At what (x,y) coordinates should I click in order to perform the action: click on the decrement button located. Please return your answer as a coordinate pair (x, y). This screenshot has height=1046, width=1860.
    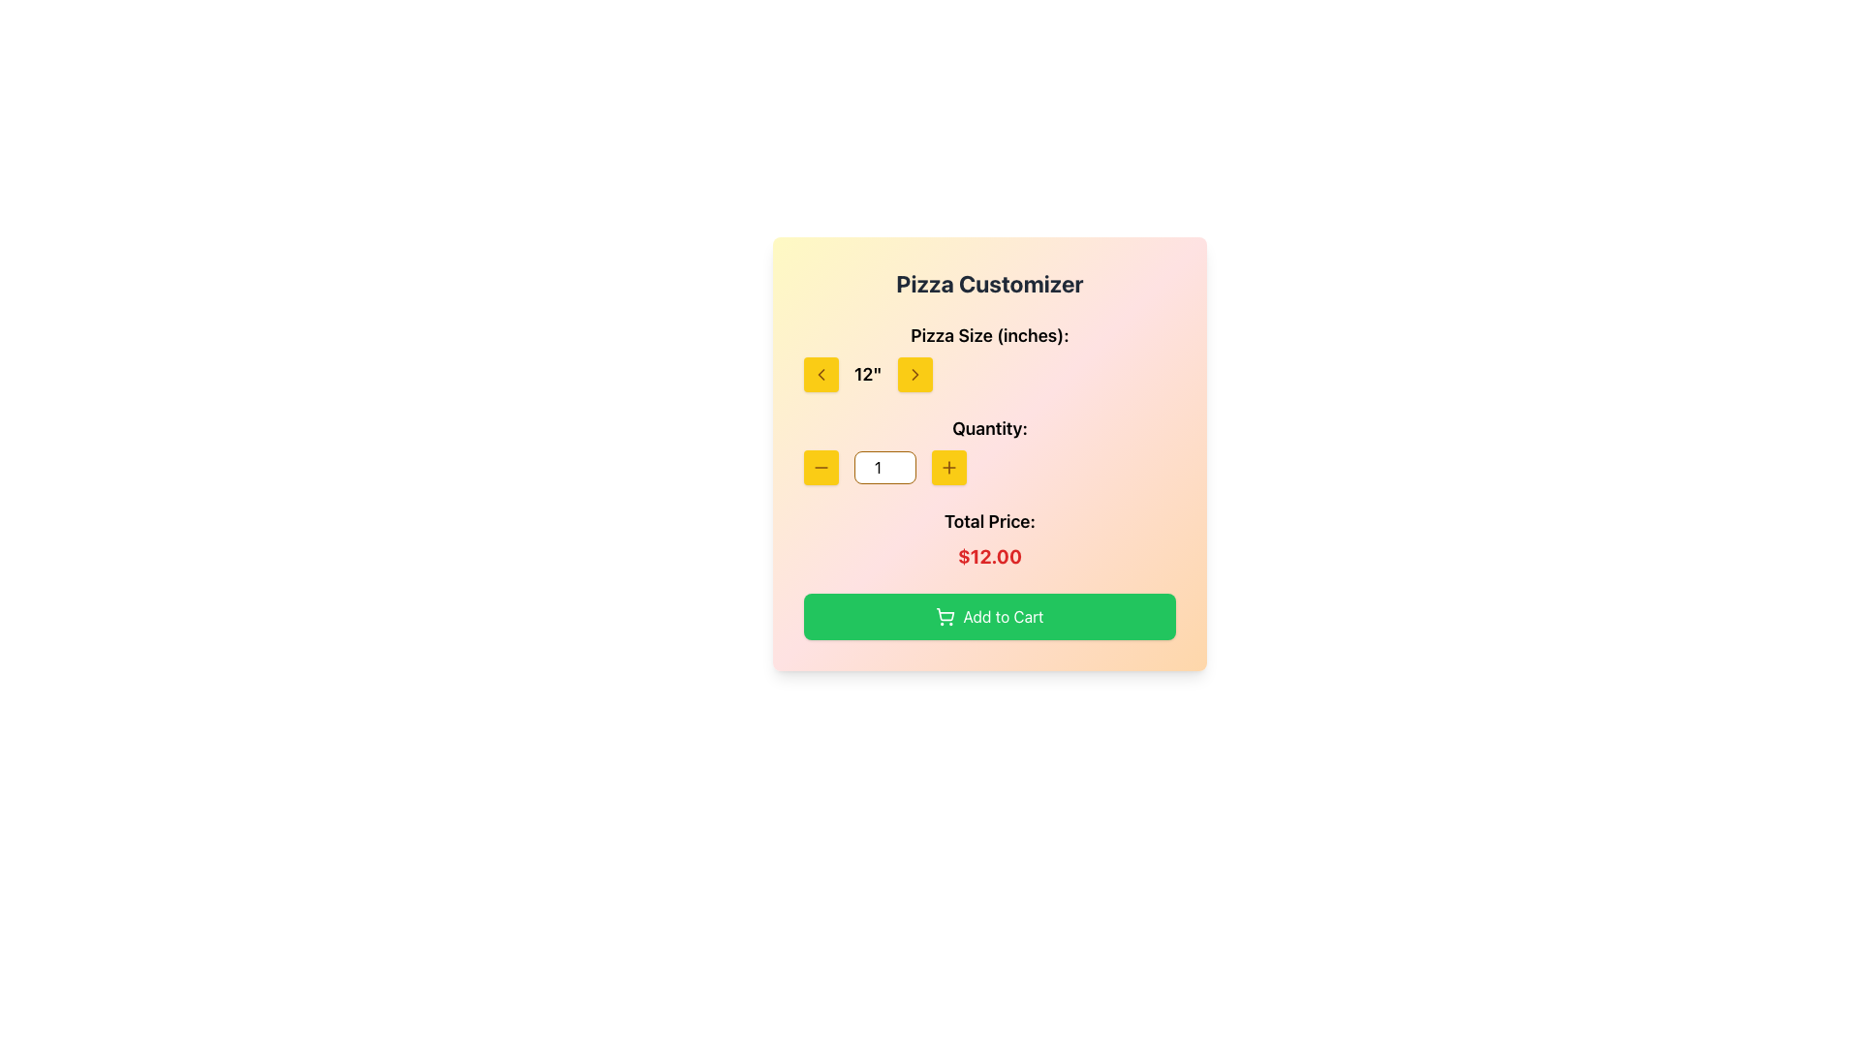
    Looking at the image, I should click on (821, 467).